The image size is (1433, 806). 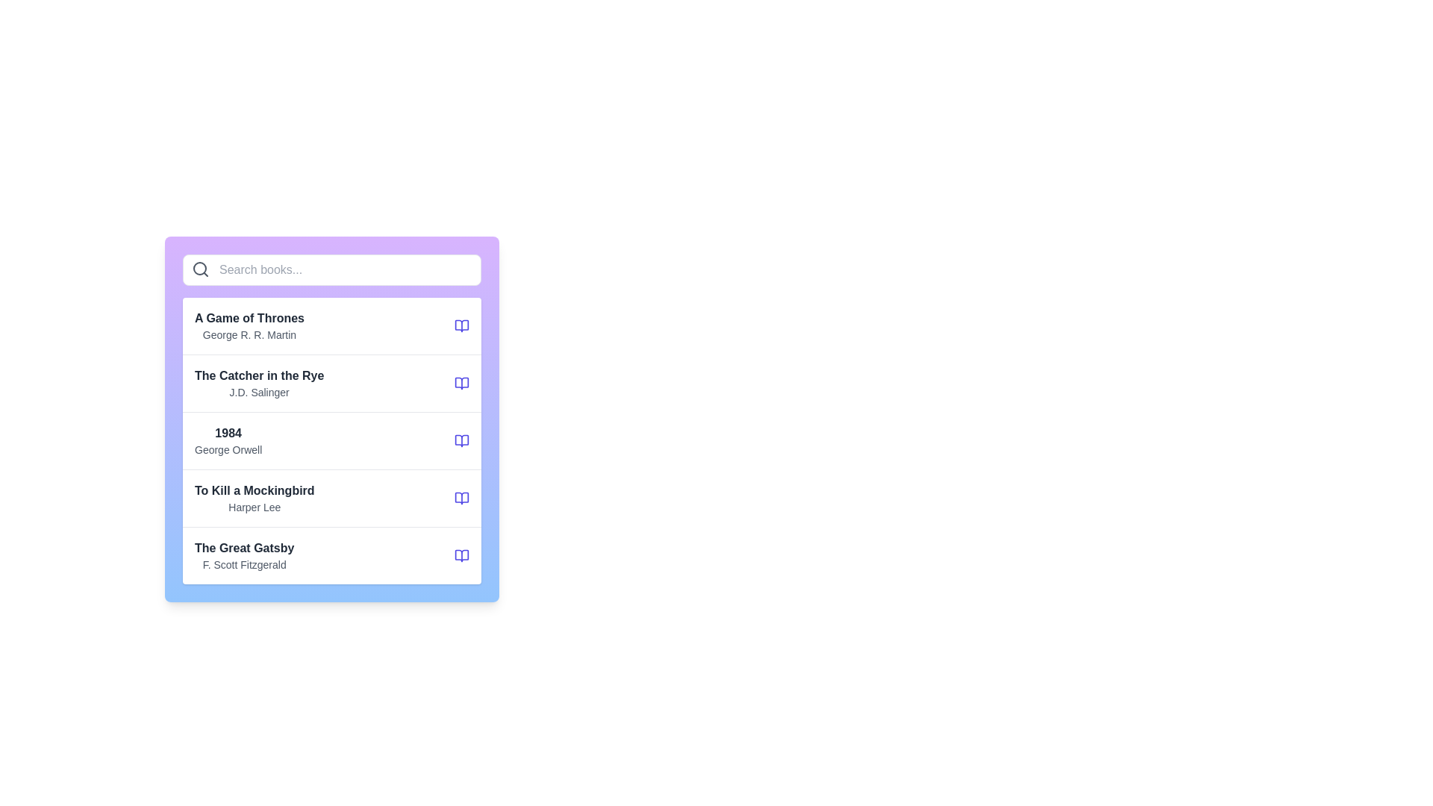 What do you see at coordinates (255, 506) in the screenshot?
I see `the non-interactive label displaying the author of 'To Kill a Mockingbird', located directly beneath the book title in the bottom-left quadrant of the interface` at bounding box center [255, 506].